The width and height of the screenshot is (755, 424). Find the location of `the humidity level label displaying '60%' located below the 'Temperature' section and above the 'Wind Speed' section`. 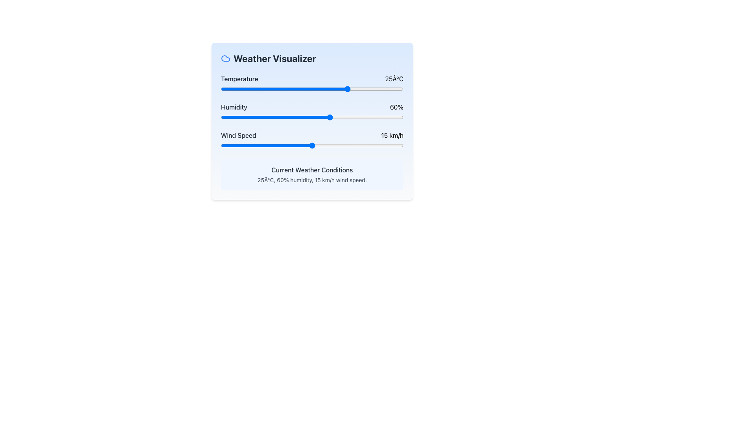

the humidity level label displaying '60%' located below the 'Temperature' section and above the 'Wind Speed' section is located at coordinates (396, 107).